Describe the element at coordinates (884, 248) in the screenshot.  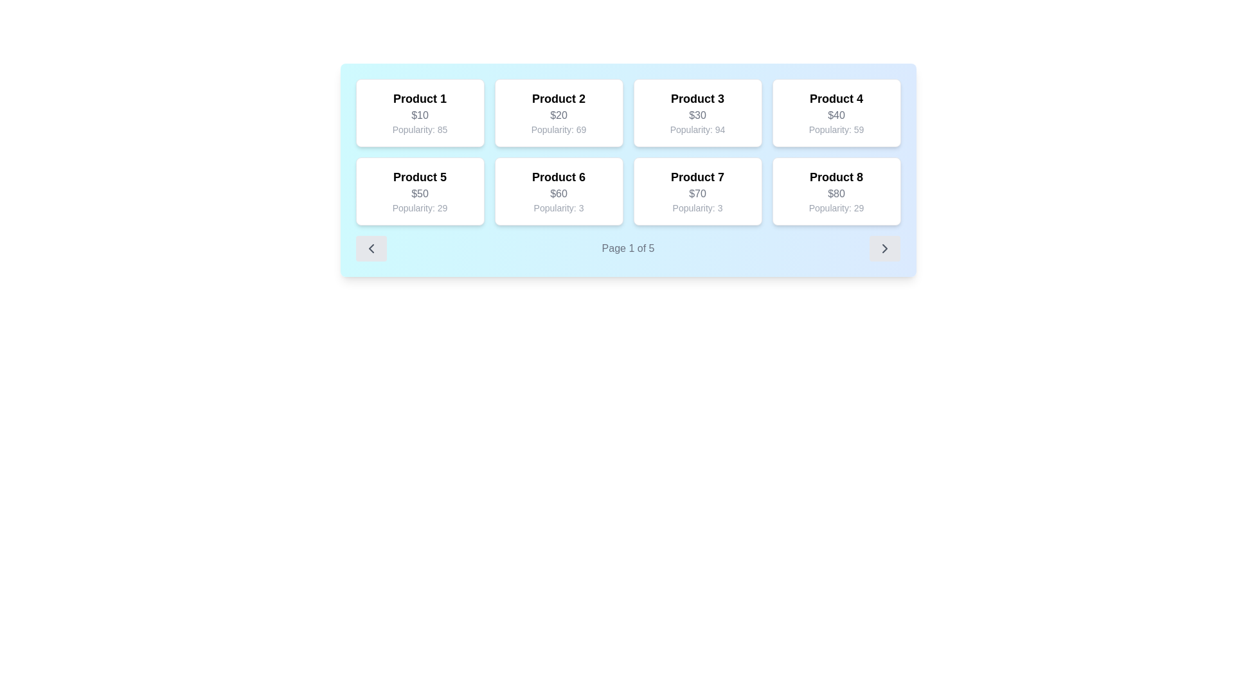
I see `the right-pointing chevron icon button located at the far right side of the horizontal pager interface` at that location.